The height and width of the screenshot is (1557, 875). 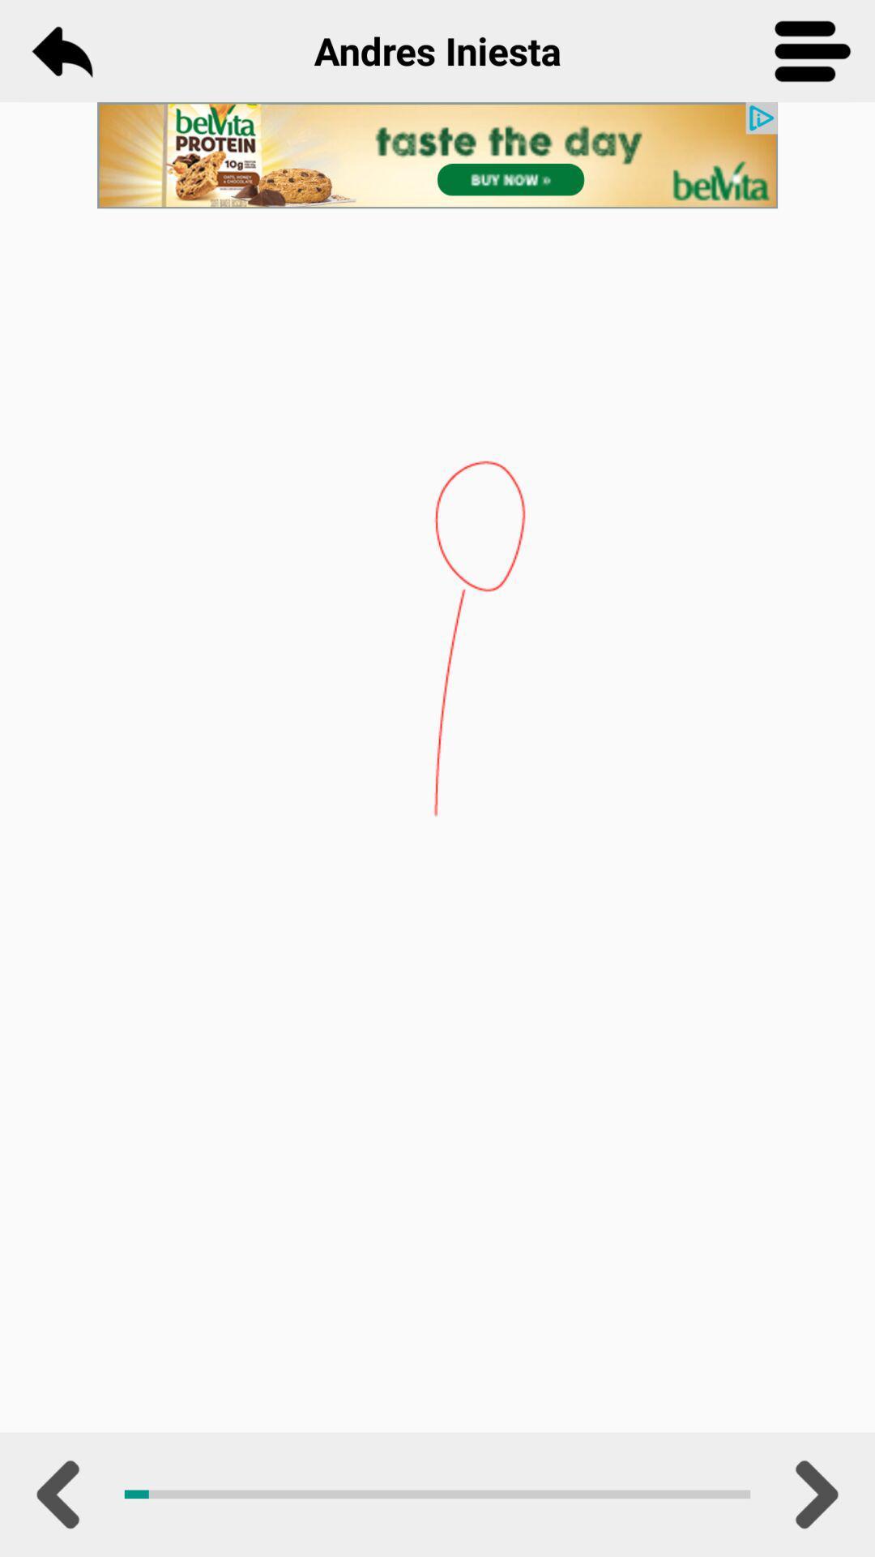 What do you see at coordinates (61, 50) in the screenshot?
I see `goto back` at bounding box center [61, 50].